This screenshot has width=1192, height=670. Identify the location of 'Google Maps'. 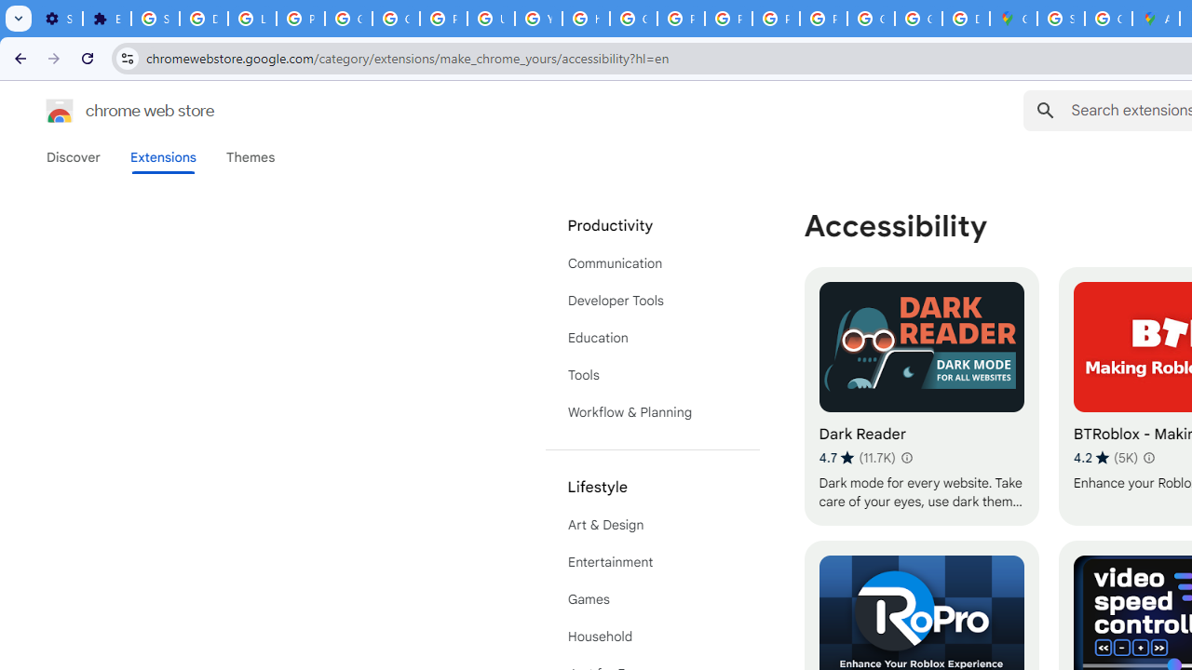
(1012, 19).